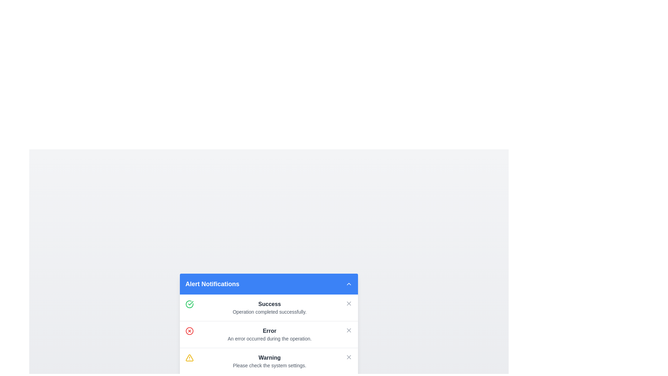  Describe the element at coordinates (190, 330) in the screenshot. I see `the error indicator icon located in the 'Alert Notifications' section, positioned to the left of the text 'Error' and the message 'An error occurred during the operation.'` at that location.